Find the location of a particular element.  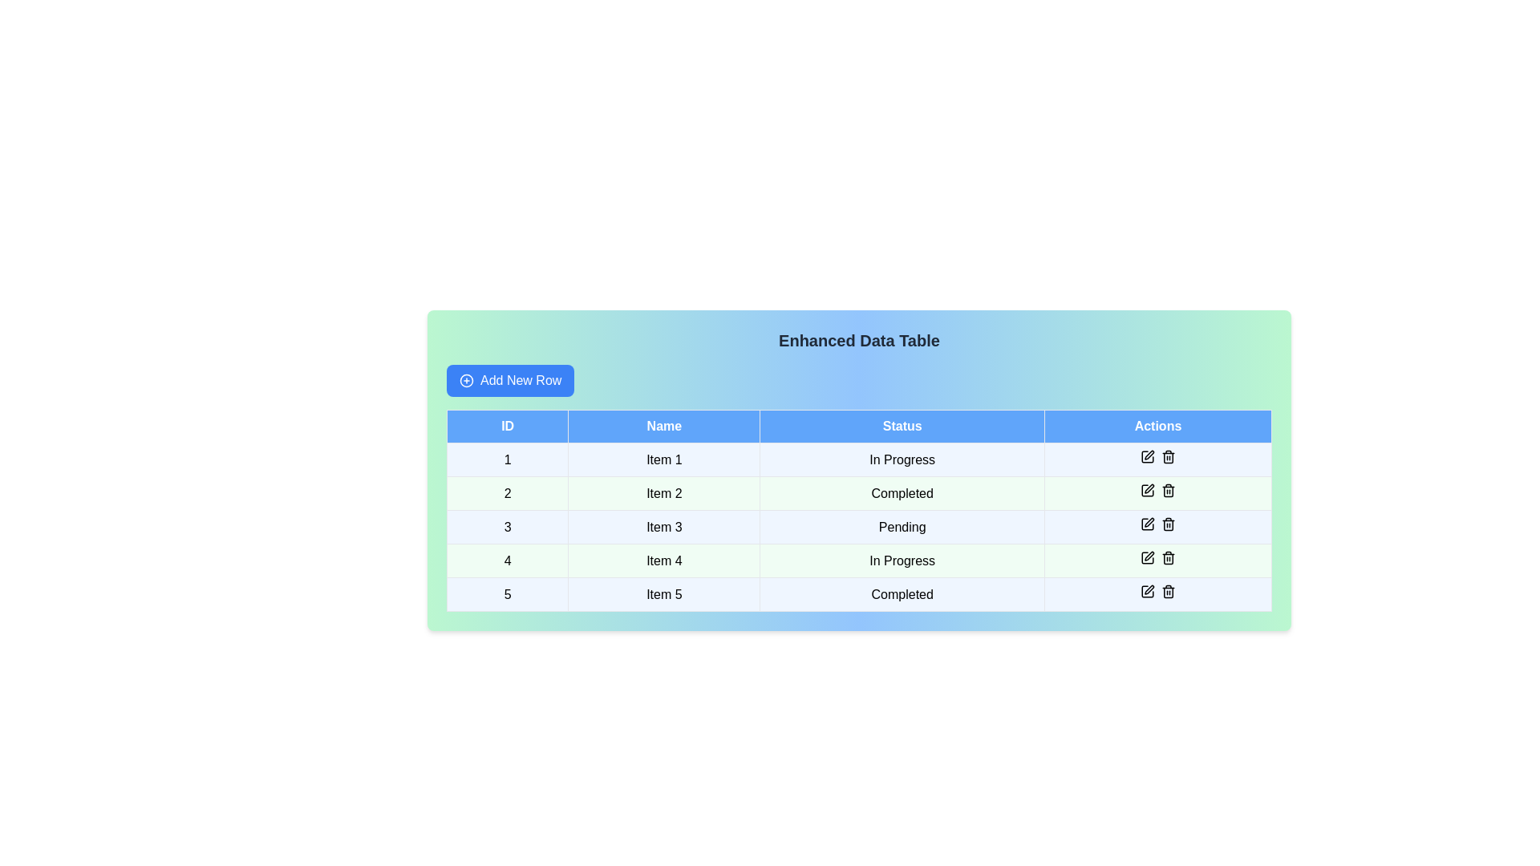

the 'Edit' icon located in the last column of the table under the row labeled 'Item 2' is located at coordinates (1149, 488).